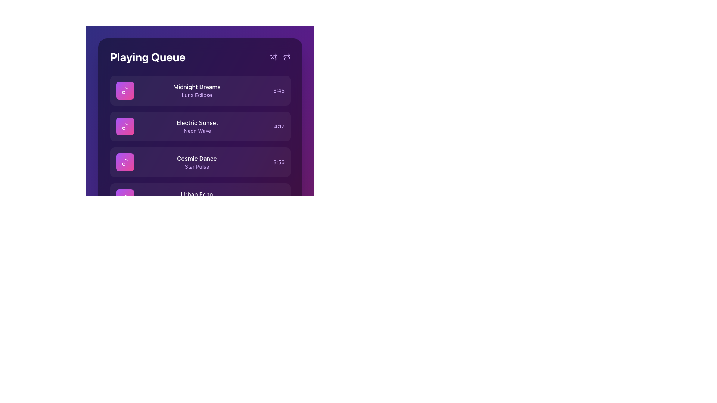 The height and width of the screenshot is (403, 717). What do you see at coordinates (200, 106) in the screenshot?
I see `the first song card titled 'Midnight Dreams' by 'Luna Eclipse' in the 'Playing Queue' section` at bounding box center [200, 106].